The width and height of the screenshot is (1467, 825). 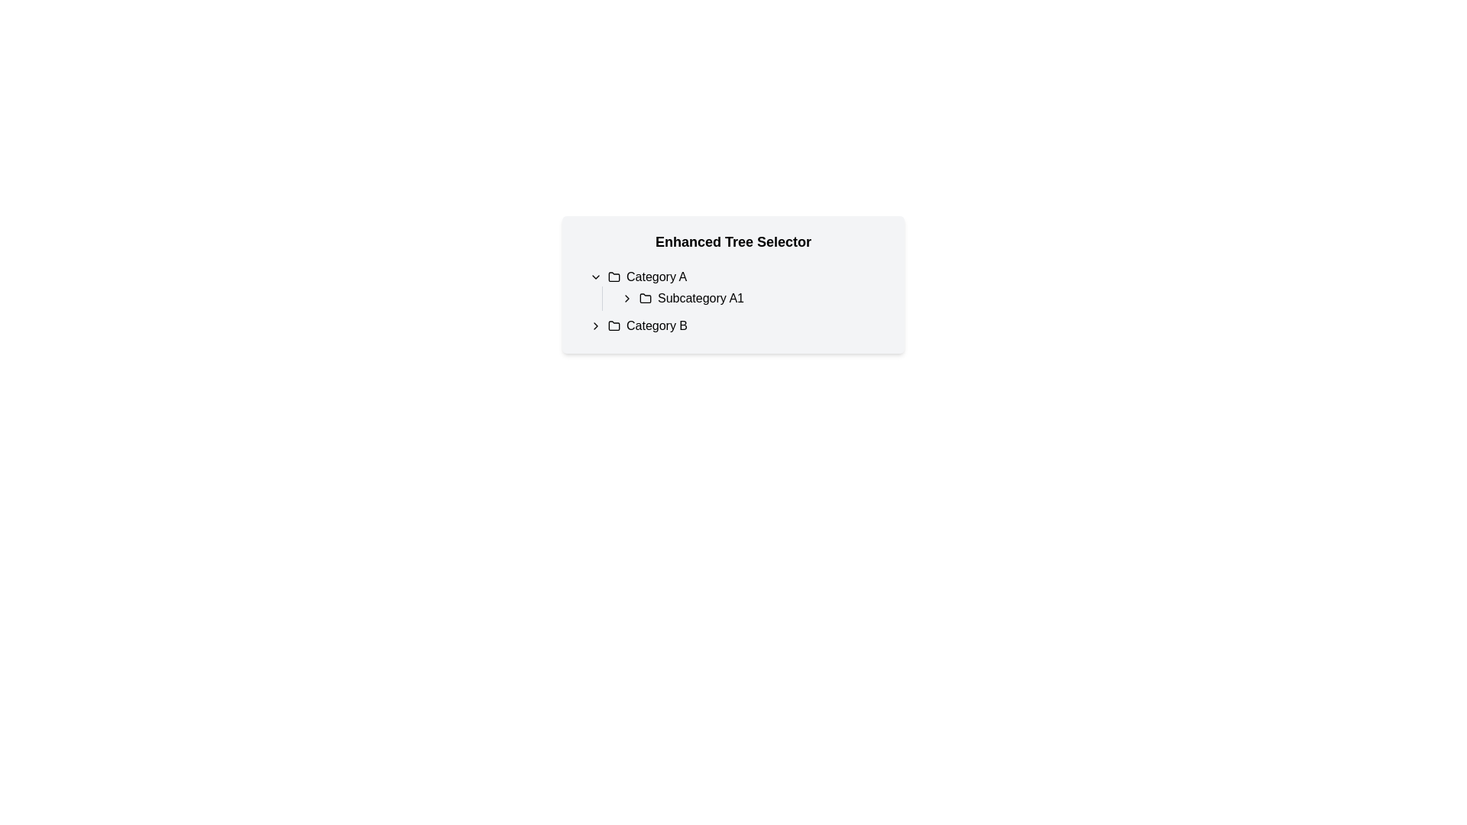 What do you see at coordinates (627, 298) in the screenshot?
I see `the chevron-right icon button located to the left of the 'Subcategory A1' text` at bounding box center [627, 298].